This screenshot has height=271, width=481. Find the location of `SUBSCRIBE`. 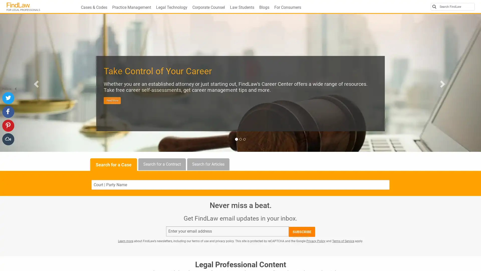

SUBSCRIBE is located at coordinates (301, 232).